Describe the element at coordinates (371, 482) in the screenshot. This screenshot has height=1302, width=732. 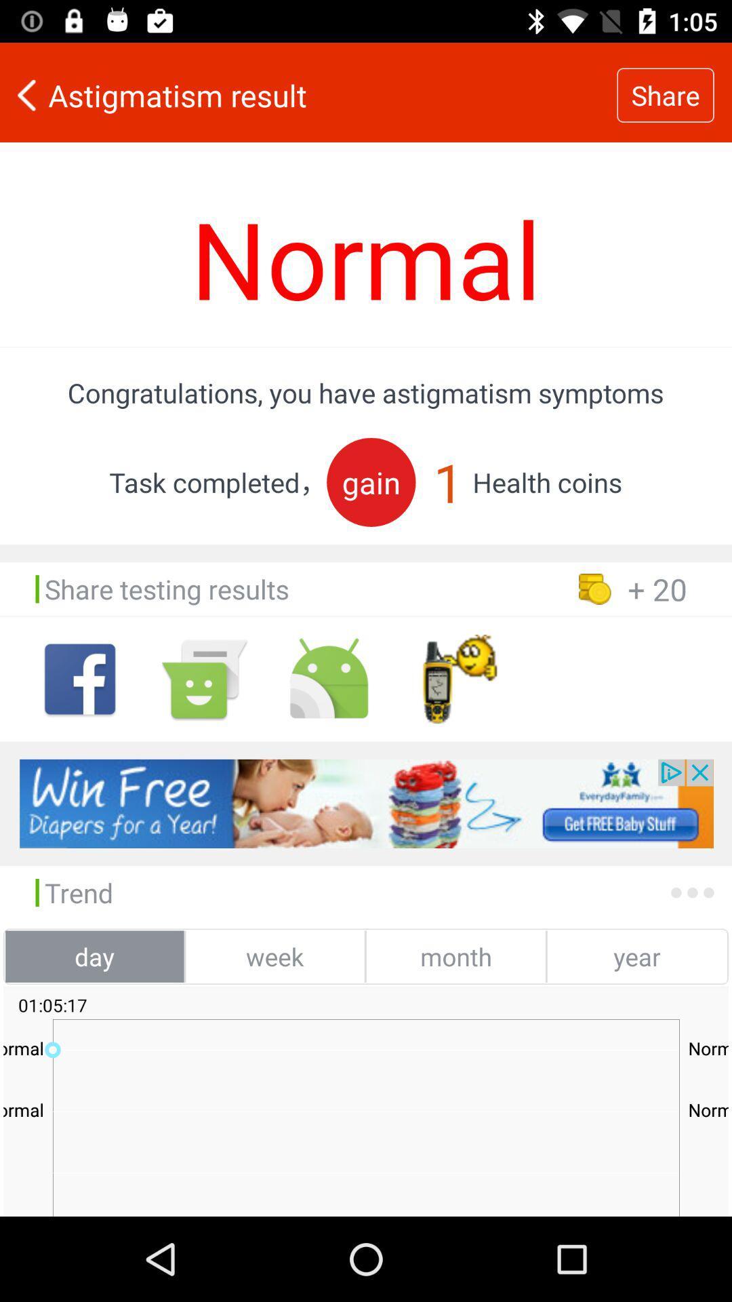
I see `icon next to 1` at that location.